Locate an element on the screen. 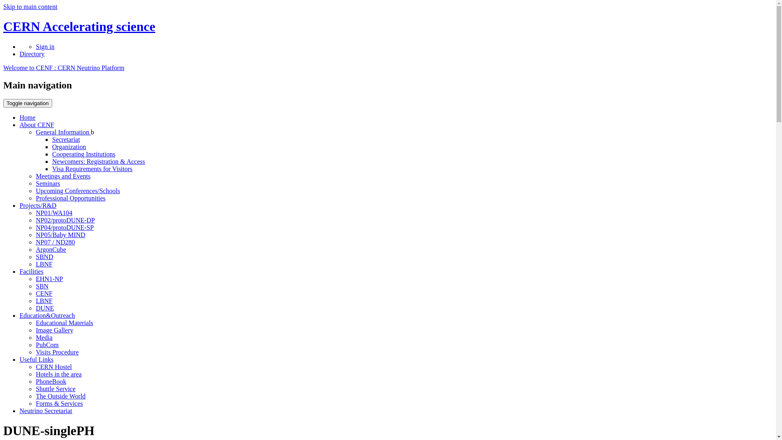  'NP07 / ND280' is located at coordinates (55, 242).